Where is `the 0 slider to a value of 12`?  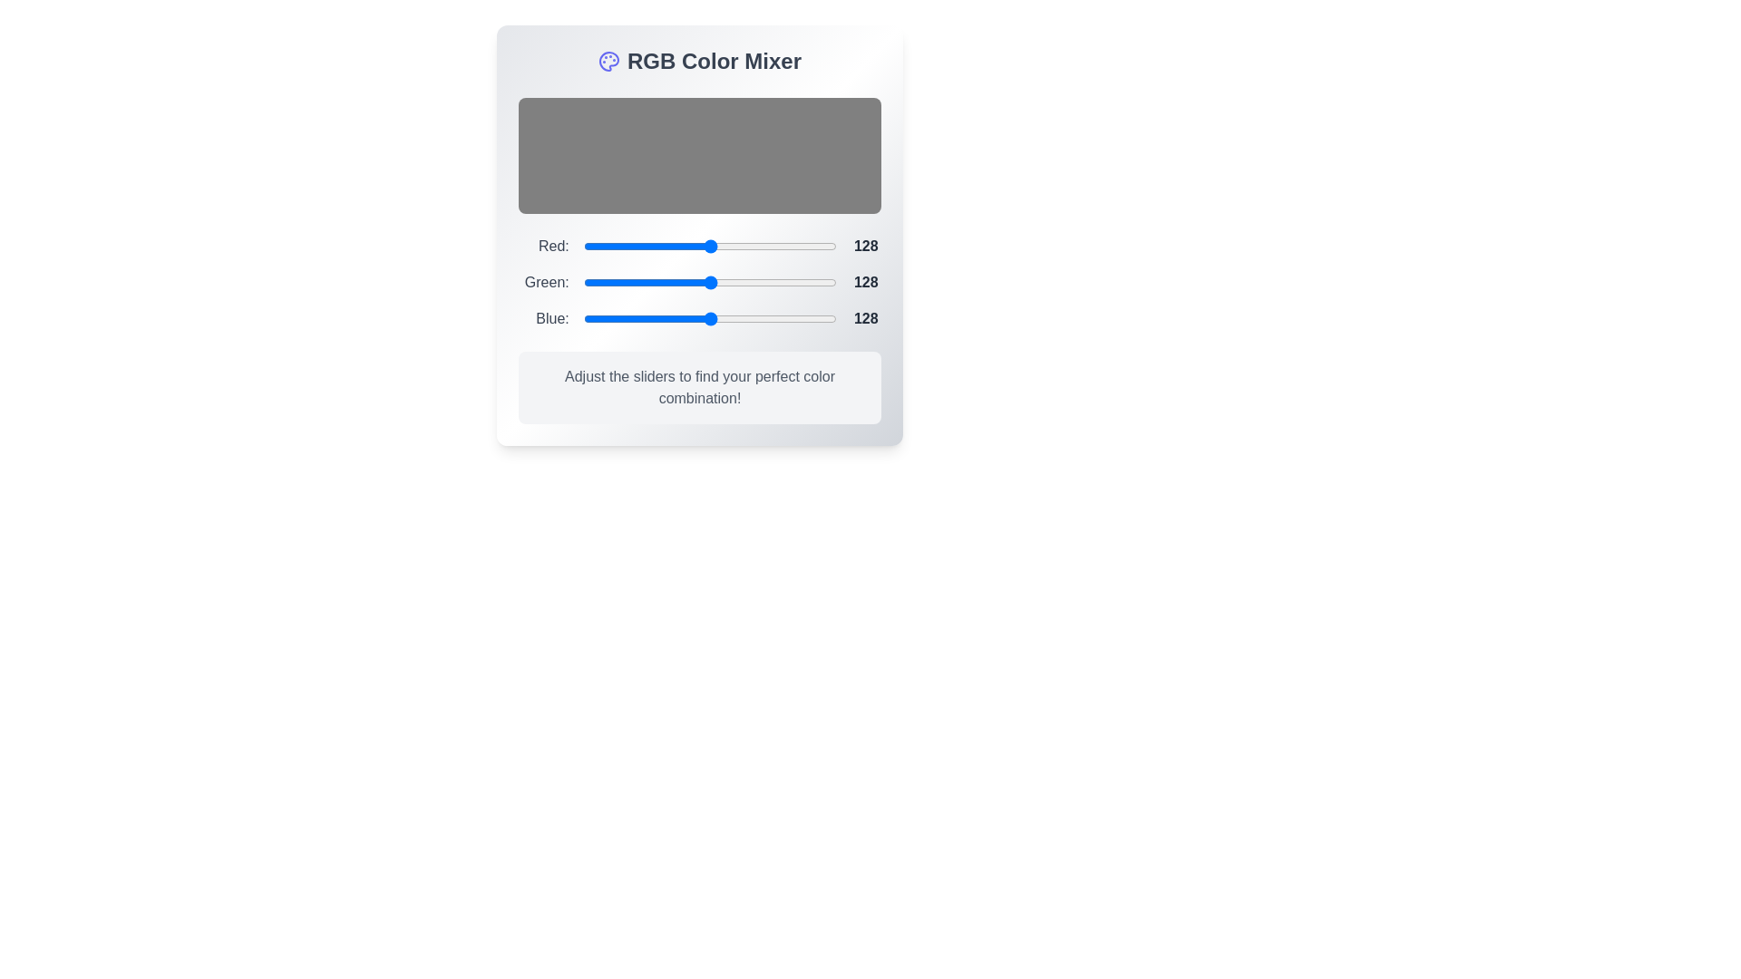
the 0 slider to a value of 12 is located at coordinates (715, 247).